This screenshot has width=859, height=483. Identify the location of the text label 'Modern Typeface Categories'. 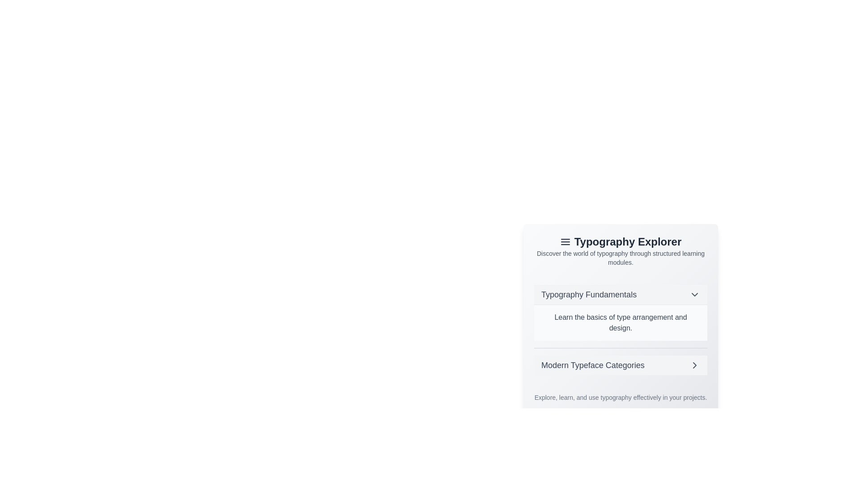
(593, 365).